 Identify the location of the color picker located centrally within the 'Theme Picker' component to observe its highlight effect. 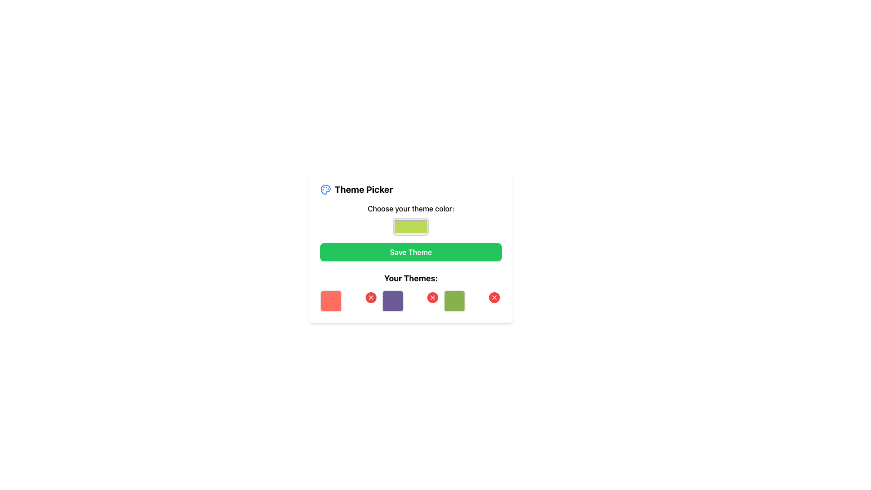
(411, 219).